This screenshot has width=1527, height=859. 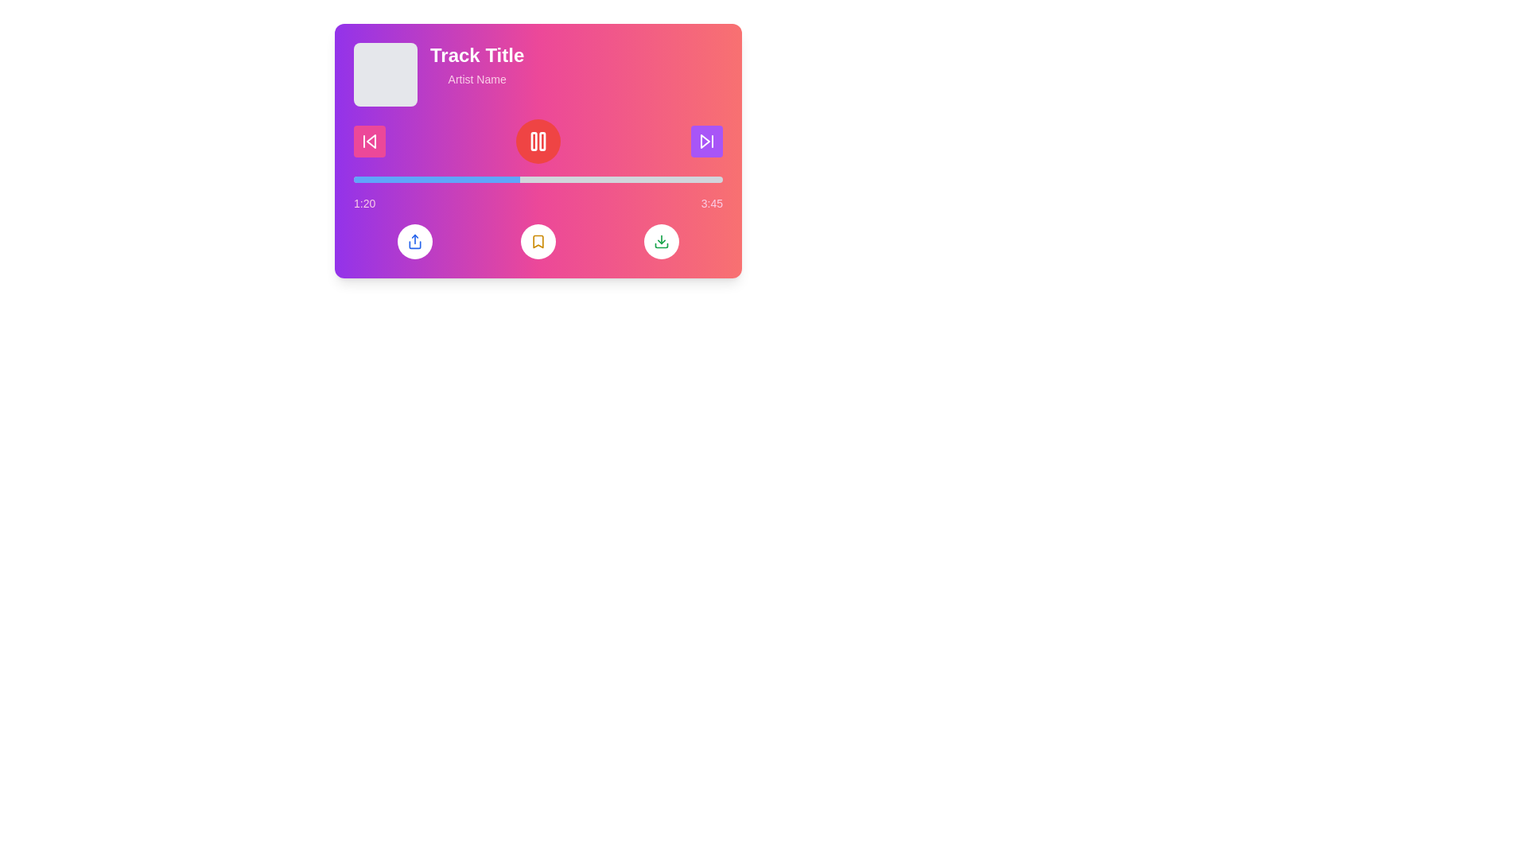 What do you see at coordinates (661, 242) in the screenshot?
I see `the download button located at the far right of the three interactive icons at the bottom of the music player interface to initiate a download` at bounding box center [661, 242].